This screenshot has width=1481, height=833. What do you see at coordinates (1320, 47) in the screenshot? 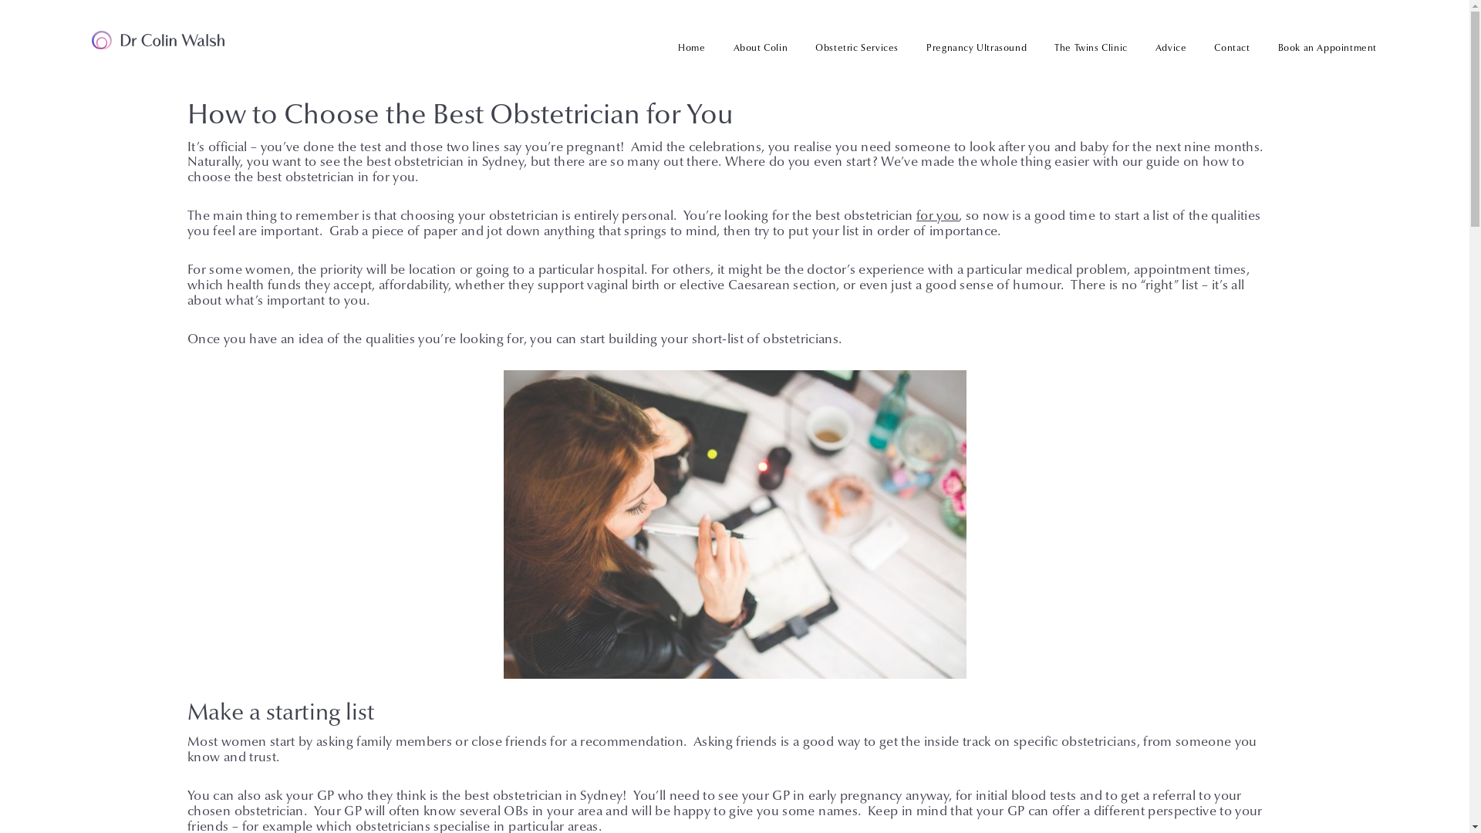
I see `'Book an Appointment'` at bounding box center [1320, 47].